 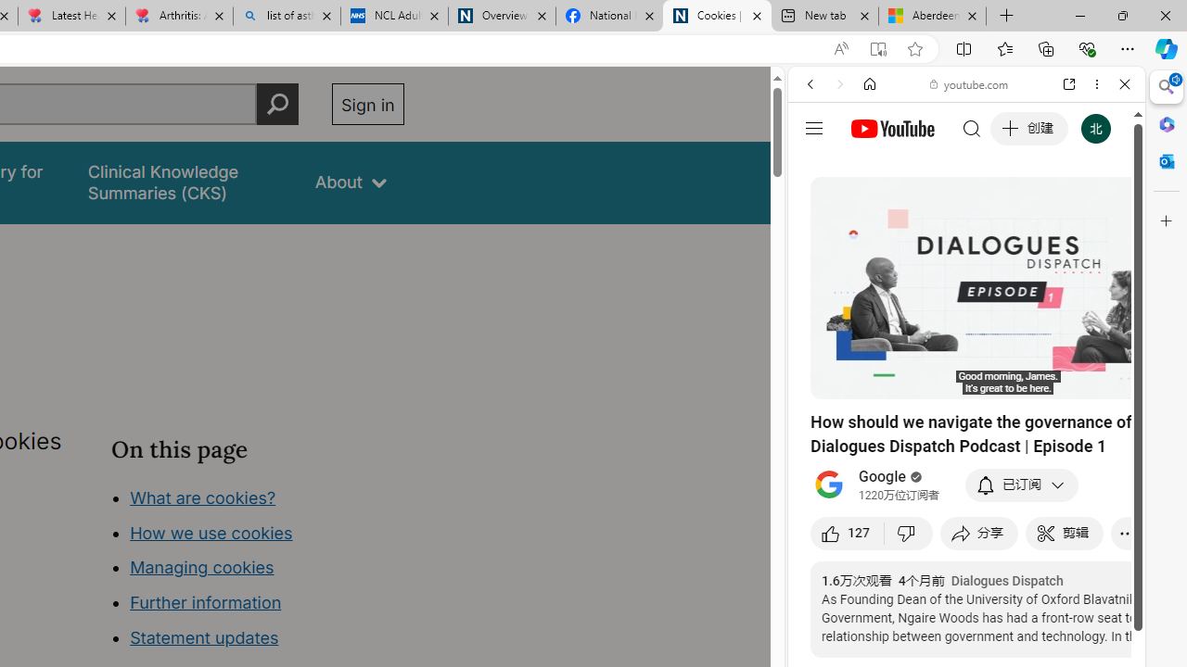 What do you see at coordinates (179, 16) in the screenshot?
I see `'Arthritis: Ask Health Professionals'` at bounding box center [179, 16].